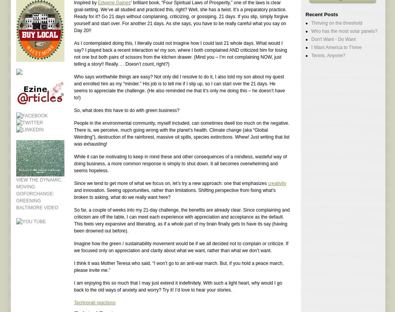 The image size is (395, 312). What do you see at coordinates (336, 23) in the screenshot?
I see `'Thriving on the threshold'` at bounding box center [336, 23].